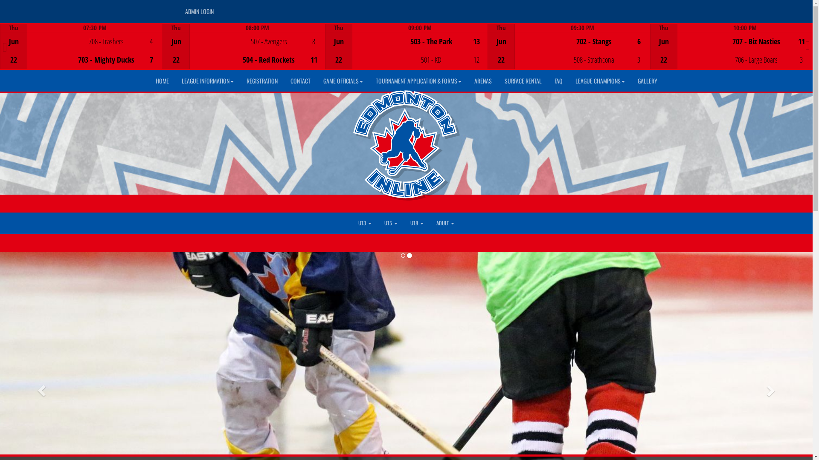 This screenshot has width=819, height=460. I want to click on 'TOURNAMENT APPLICATION & FORMS', so click(418, 80).